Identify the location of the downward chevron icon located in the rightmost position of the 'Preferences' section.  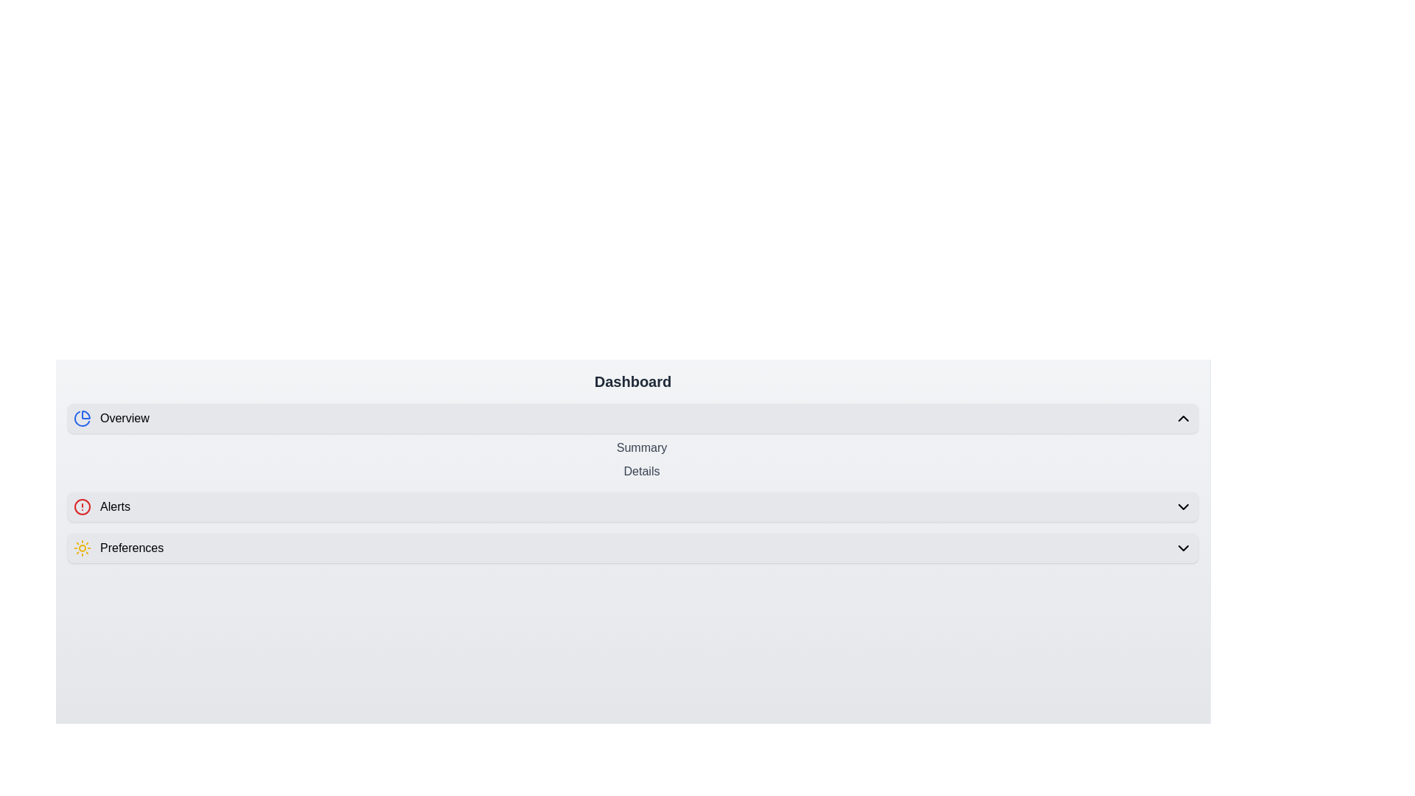
(1184, 548).